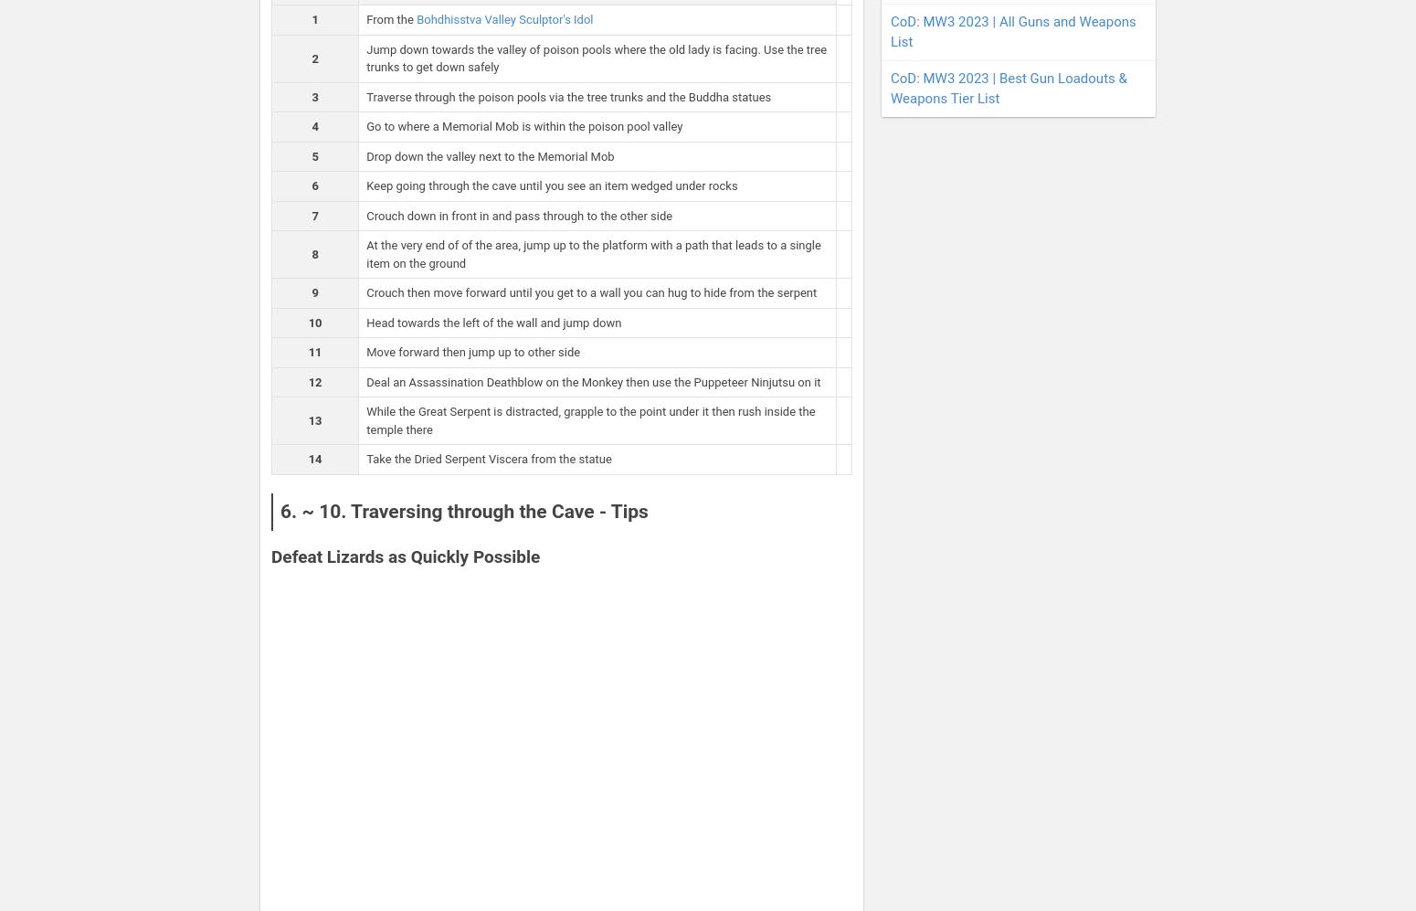 The image size is (1416, 911). I want to click on 'Keep going through the cave until you see an item wedged under rocks', so click(552, 185).